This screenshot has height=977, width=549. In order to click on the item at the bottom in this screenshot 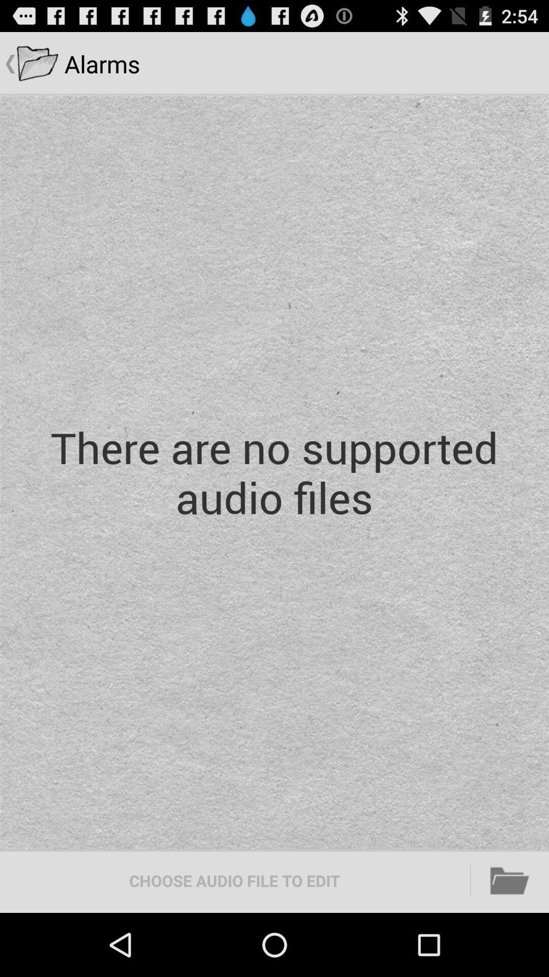, I will do `click(234, 880)`.